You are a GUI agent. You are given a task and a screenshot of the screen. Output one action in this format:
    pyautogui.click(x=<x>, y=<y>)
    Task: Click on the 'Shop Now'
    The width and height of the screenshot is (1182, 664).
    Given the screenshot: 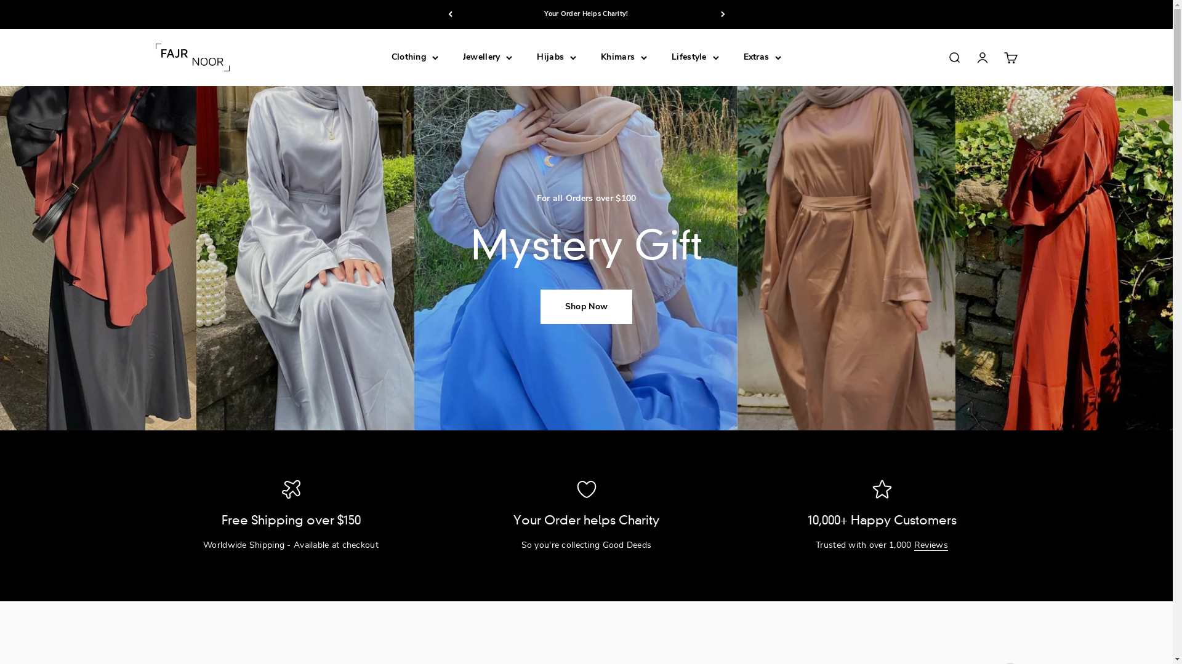 What is the action you would take?
    pyautogui.click(x=541, y=306)
    